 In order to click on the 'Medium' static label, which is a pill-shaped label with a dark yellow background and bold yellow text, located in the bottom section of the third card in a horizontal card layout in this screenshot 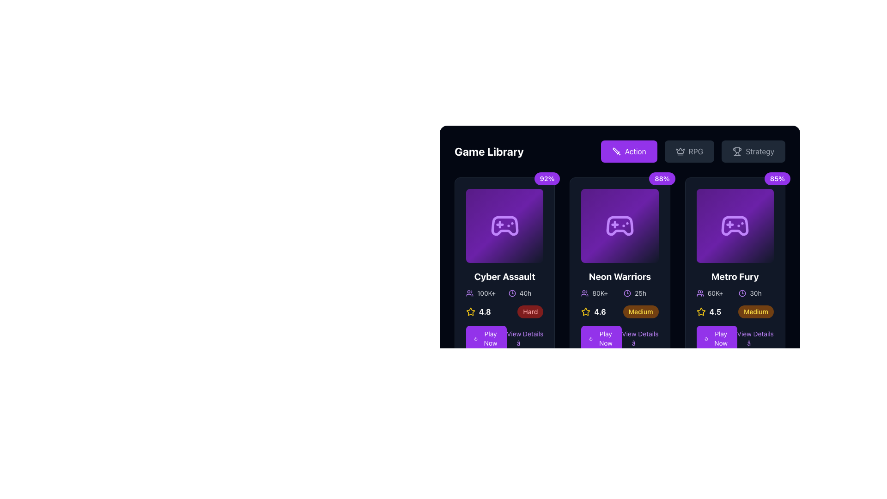, I will do `click(756, 312)`.